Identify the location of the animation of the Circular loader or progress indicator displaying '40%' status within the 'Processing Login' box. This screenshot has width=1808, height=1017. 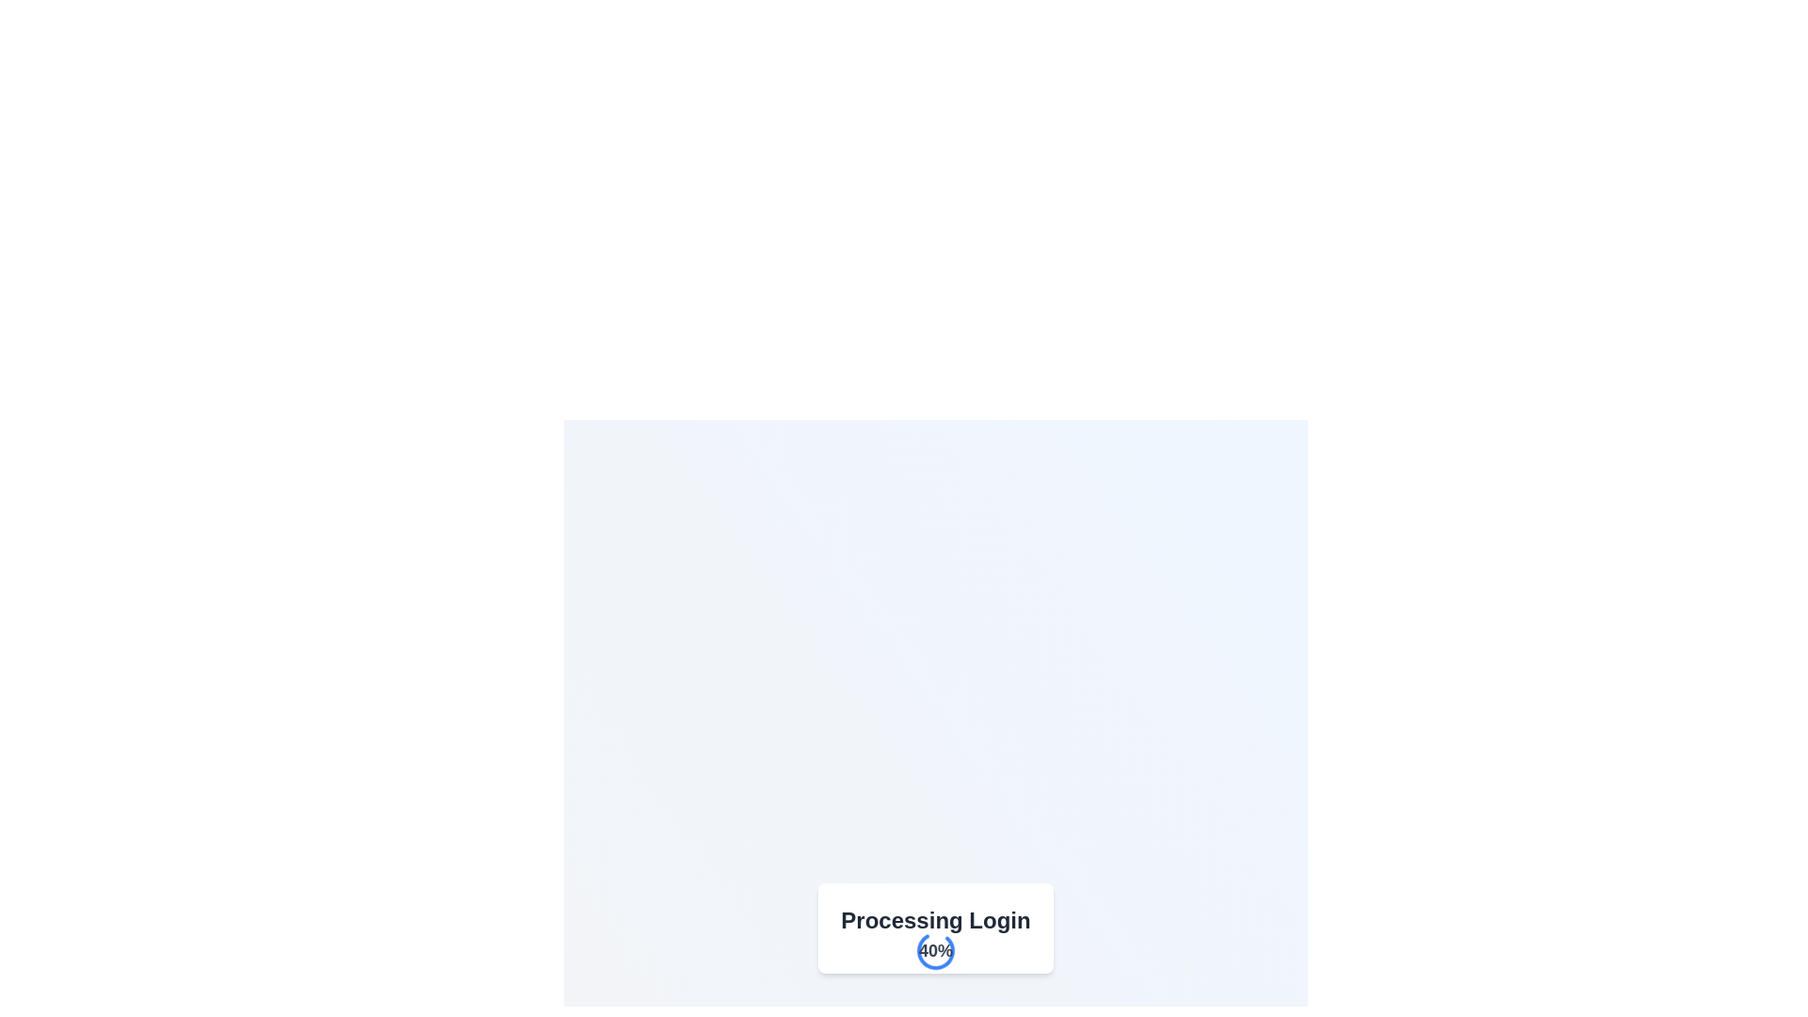
(935, 951).